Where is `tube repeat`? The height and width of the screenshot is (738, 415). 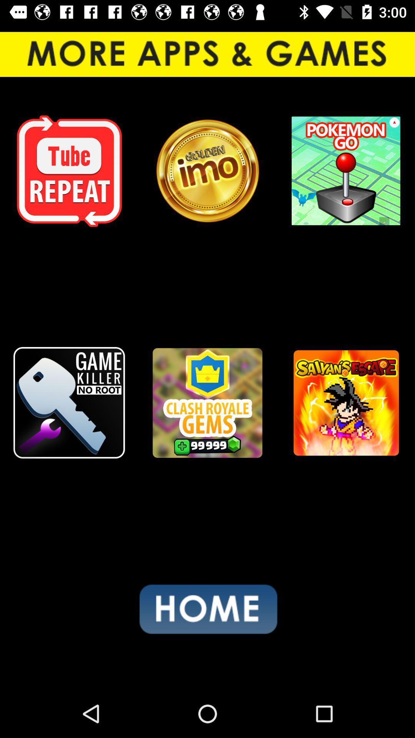 tube repeat is located at coordinates (69, 171).